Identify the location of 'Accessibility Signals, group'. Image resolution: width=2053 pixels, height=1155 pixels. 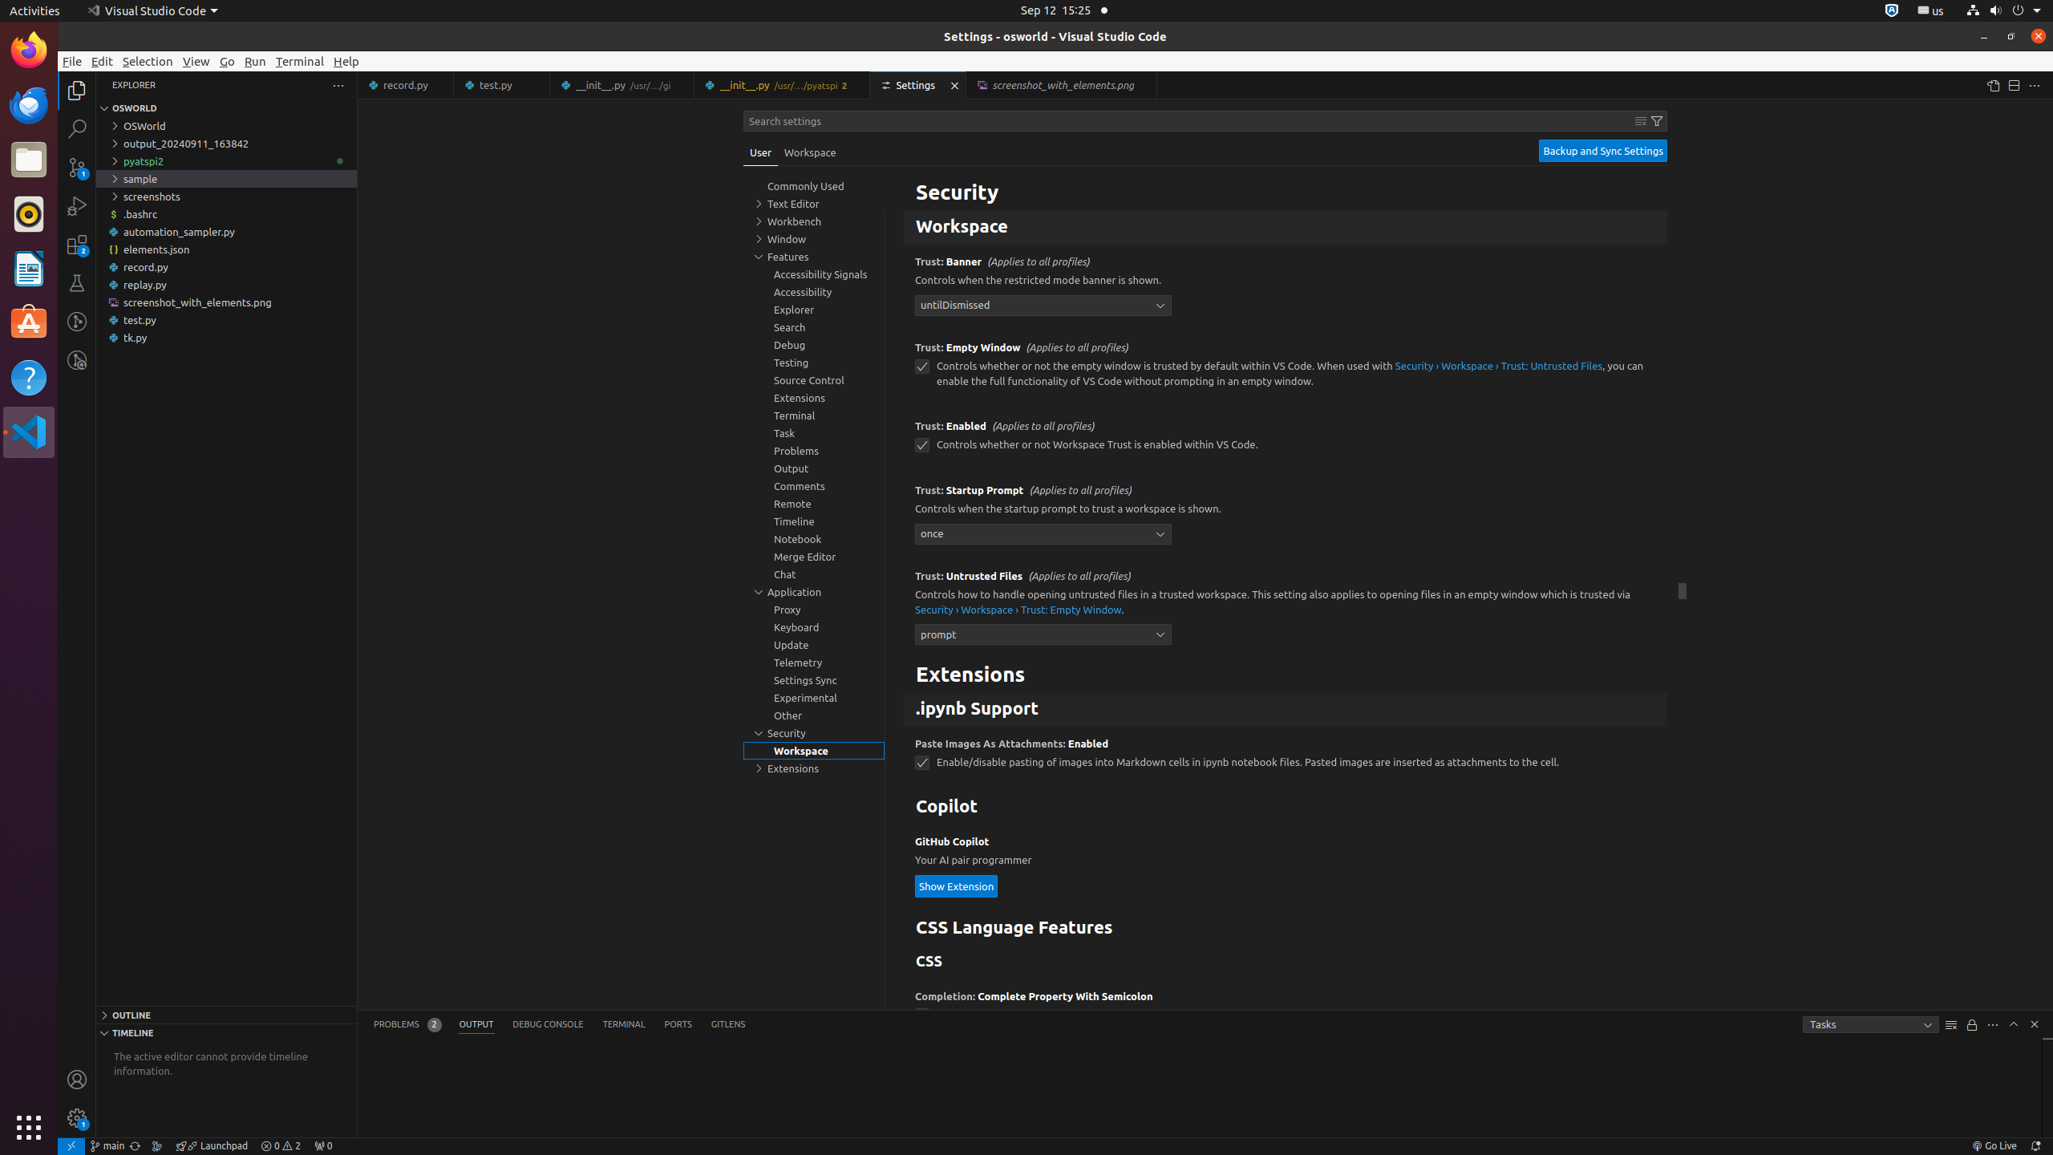
(814, 274).